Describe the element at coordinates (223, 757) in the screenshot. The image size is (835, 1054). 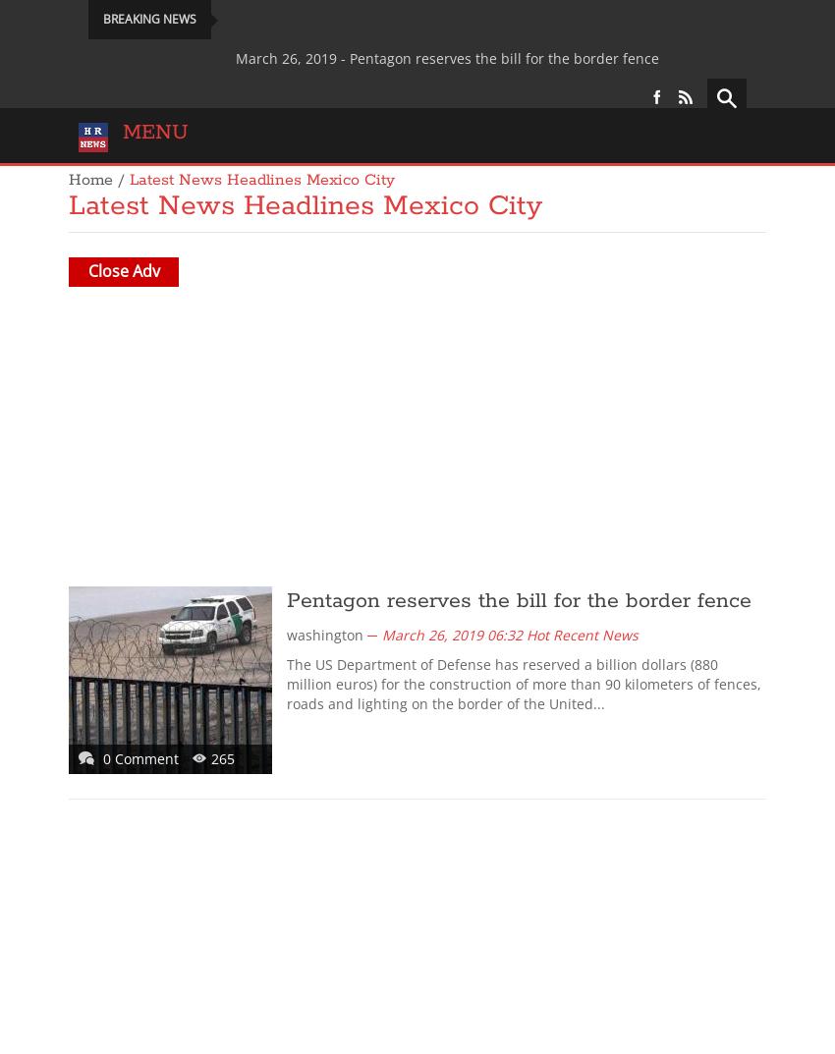
I see `'265'` at that location.